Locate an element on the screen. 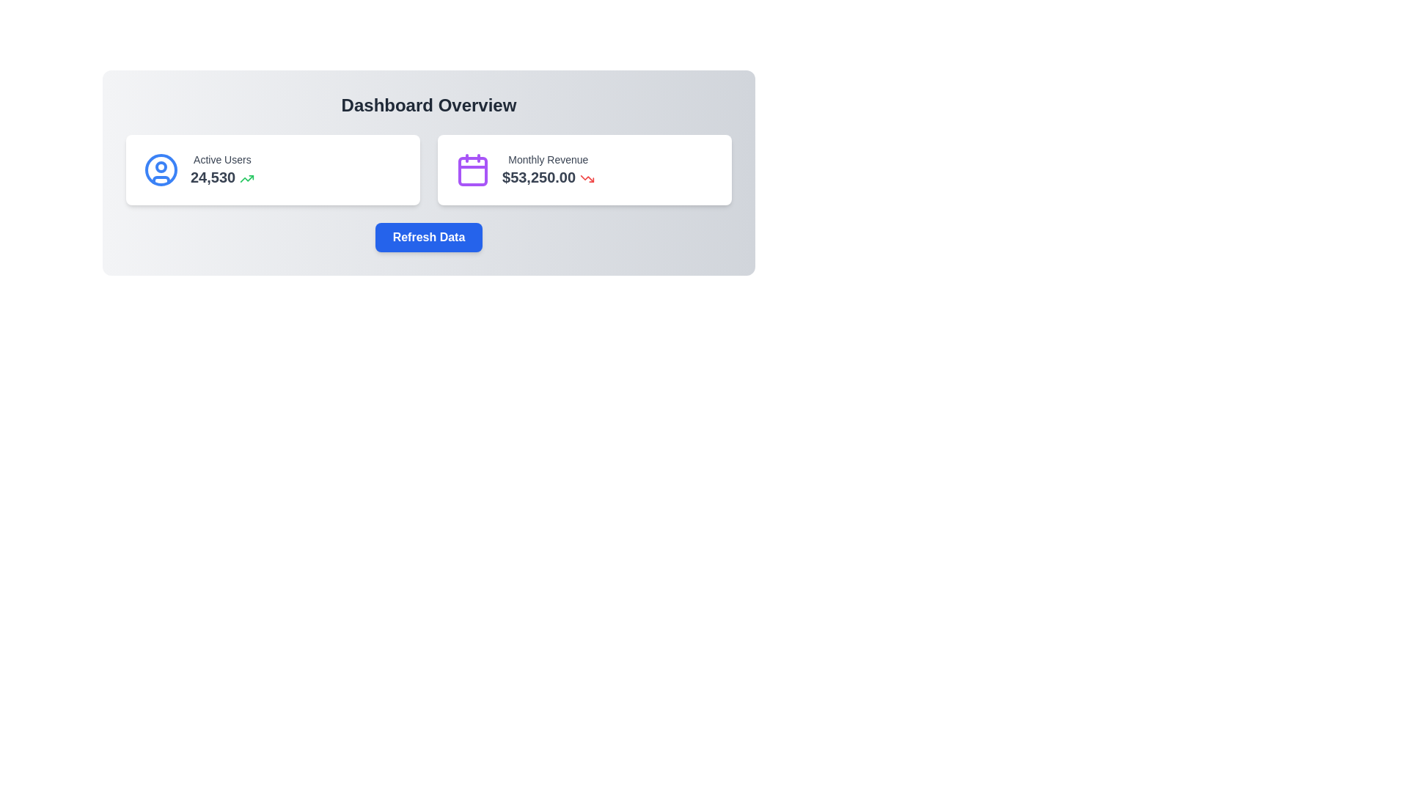 The height and width of the screenshot is (792, 1408). the 'Monthly Revenue' icon located in the right card of the Dashboard Overview section, which is visually aligned to the left of the text '$53,250.00' is located at coordinates (472, 169).